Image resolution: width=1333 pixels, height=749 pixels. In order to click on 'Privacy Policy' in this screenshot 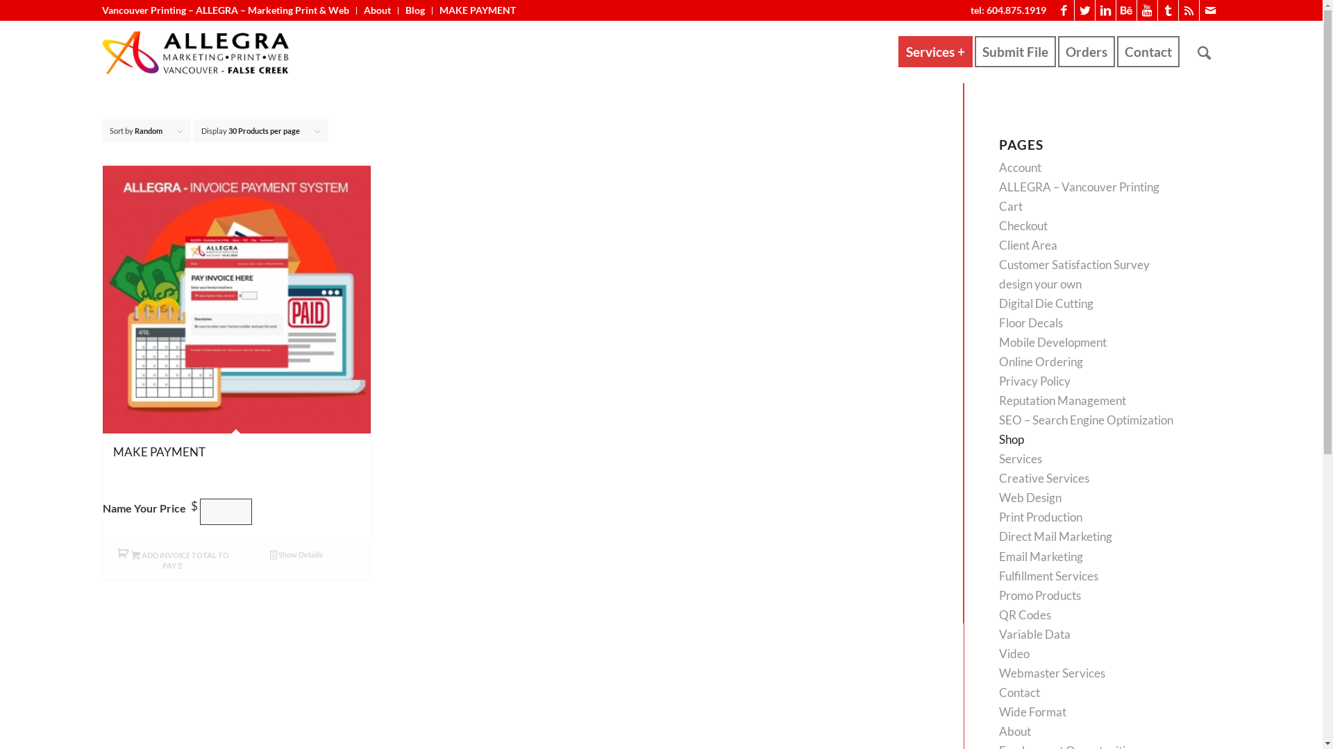, I will do `click(1034, 381)`.